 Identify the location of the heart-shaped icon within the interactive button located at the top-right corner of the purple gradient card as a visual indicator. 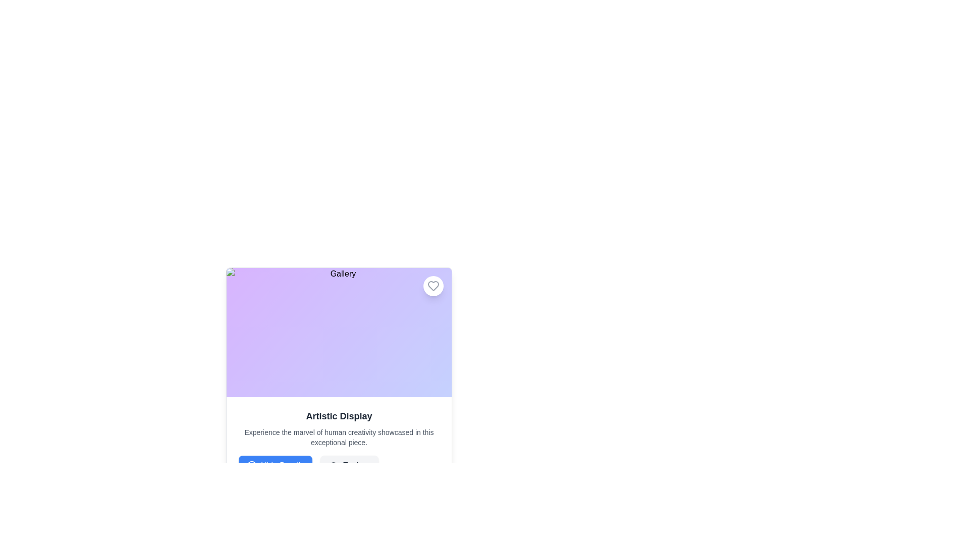
(434, 286).